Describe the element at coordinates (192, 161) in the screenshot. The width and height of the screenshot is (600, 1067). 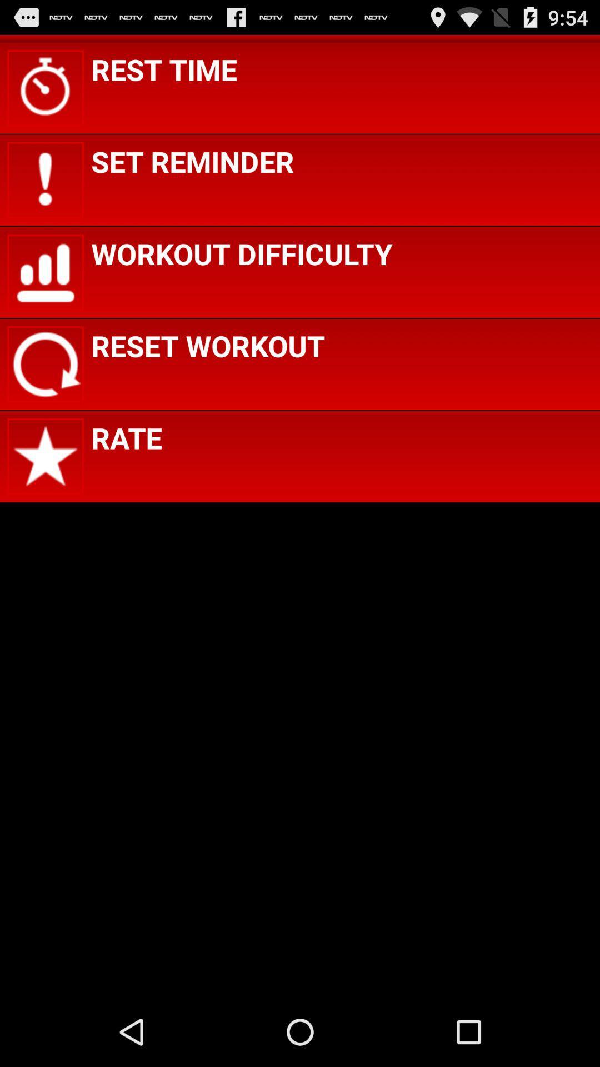
I see `icon below rest time item` at that location.